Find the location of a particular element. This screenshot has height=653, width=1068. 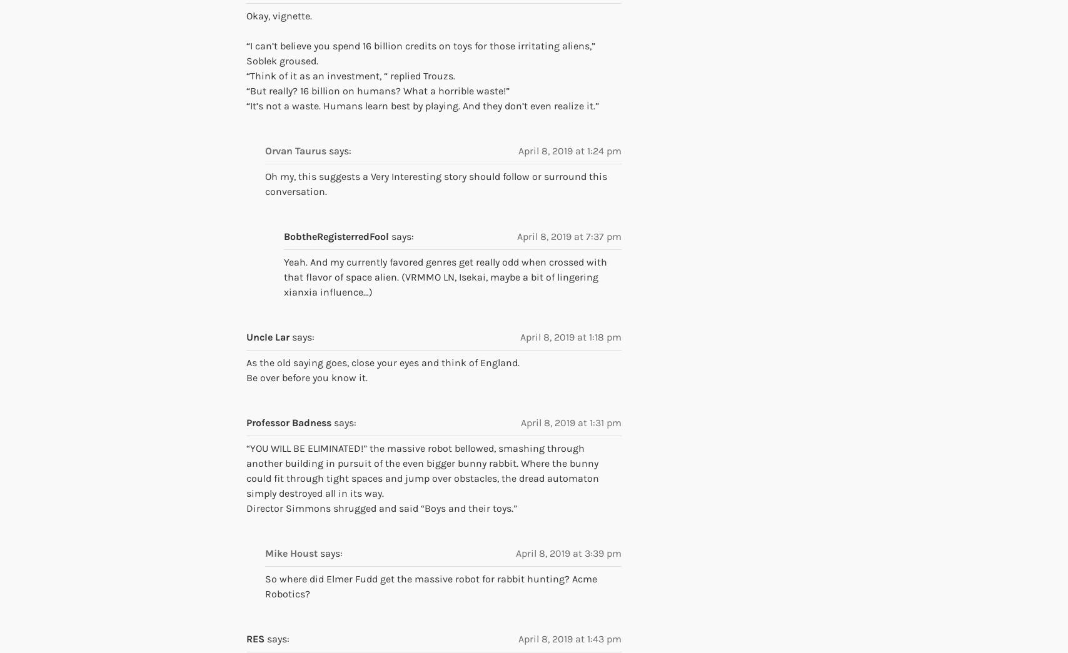

'April 8, 2019 at 1:43 pm' is located at coordinates (570, 638).